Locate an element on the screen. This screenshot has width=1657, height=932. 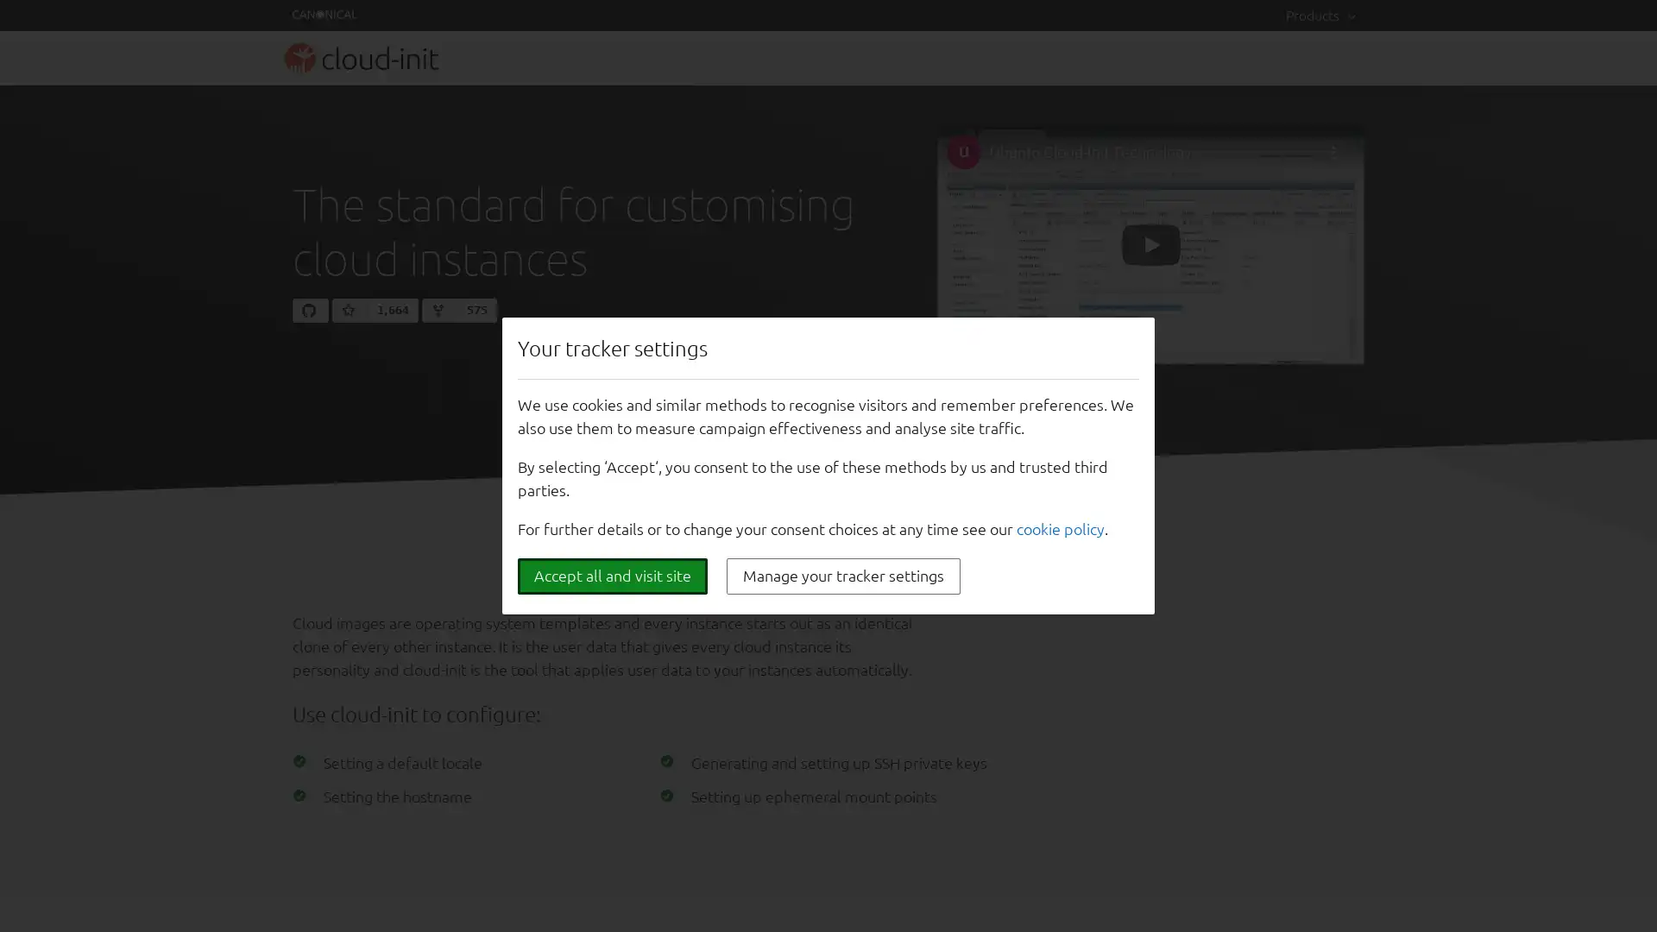
Accept all and visit site is located at coordinates (613, 576).